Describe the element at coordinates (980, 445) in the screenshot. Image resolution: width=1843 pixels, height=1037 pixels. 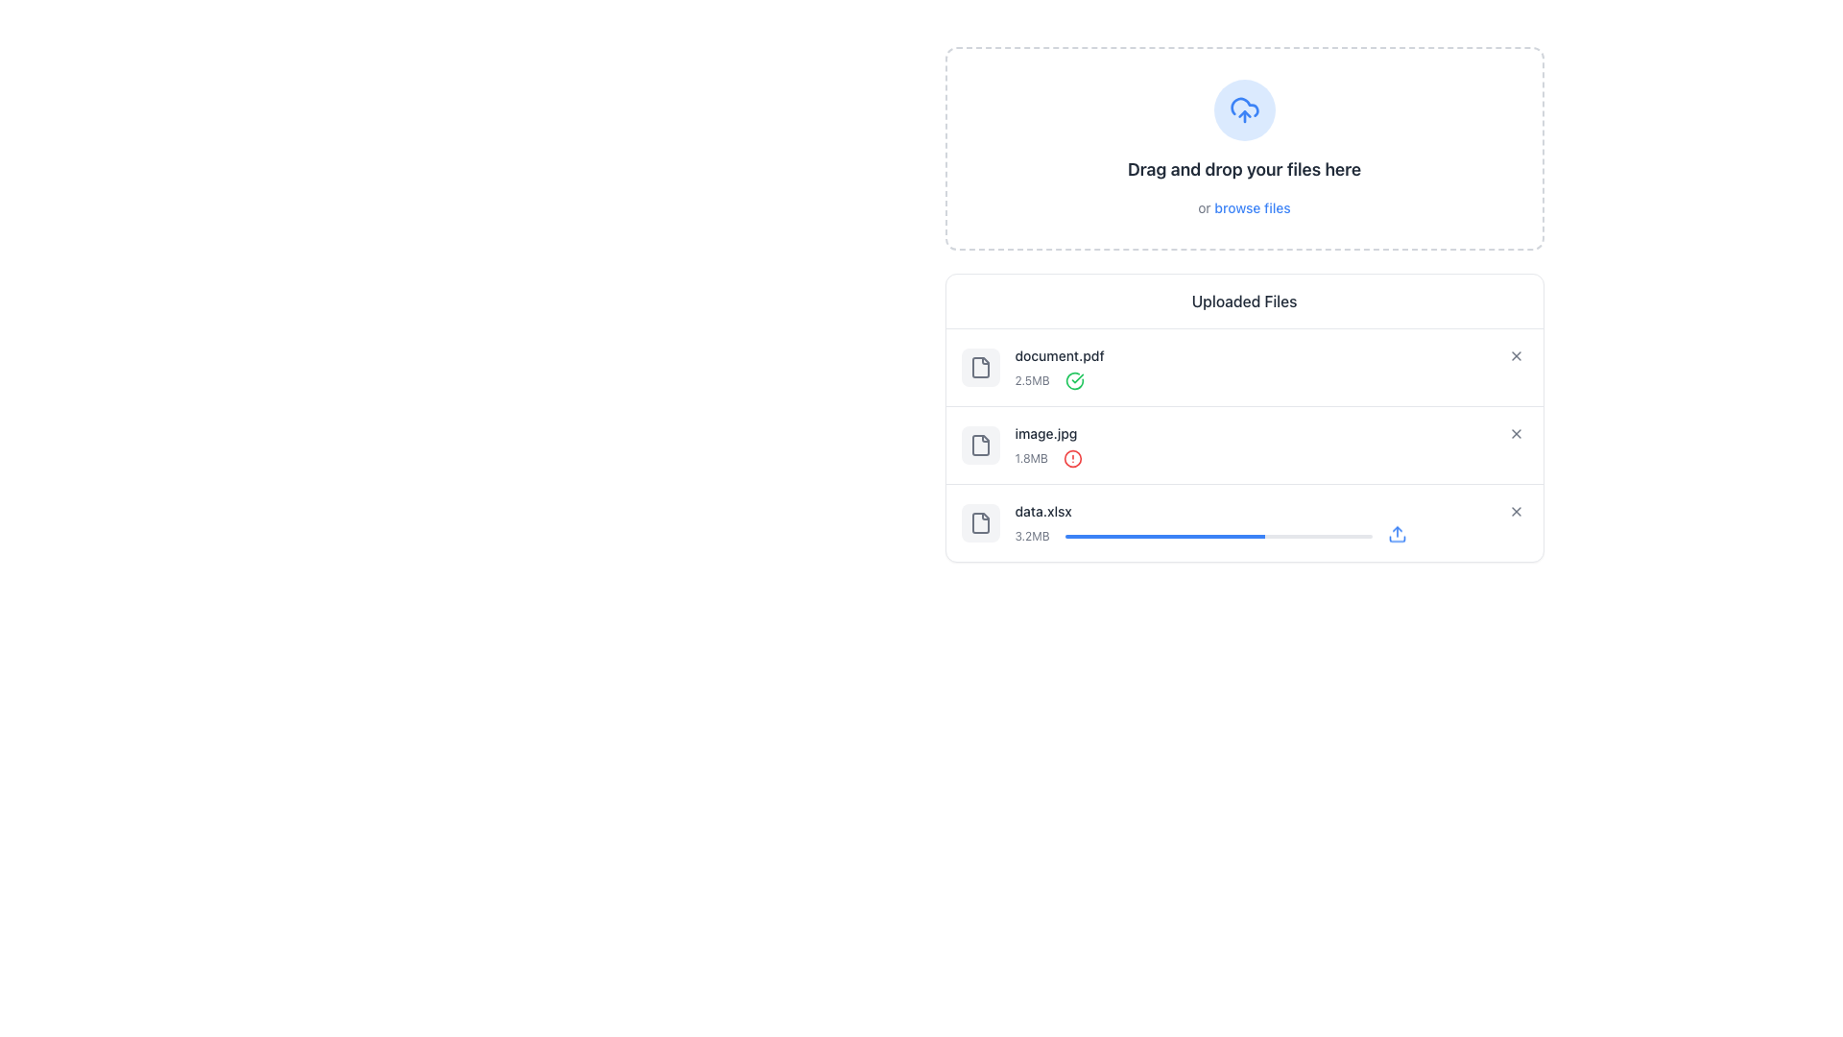
I see `the small rounded square icon with a light gray background and a document graphic, which is positioned to the left of the uploaded file named 'image.jpg'` at that location.